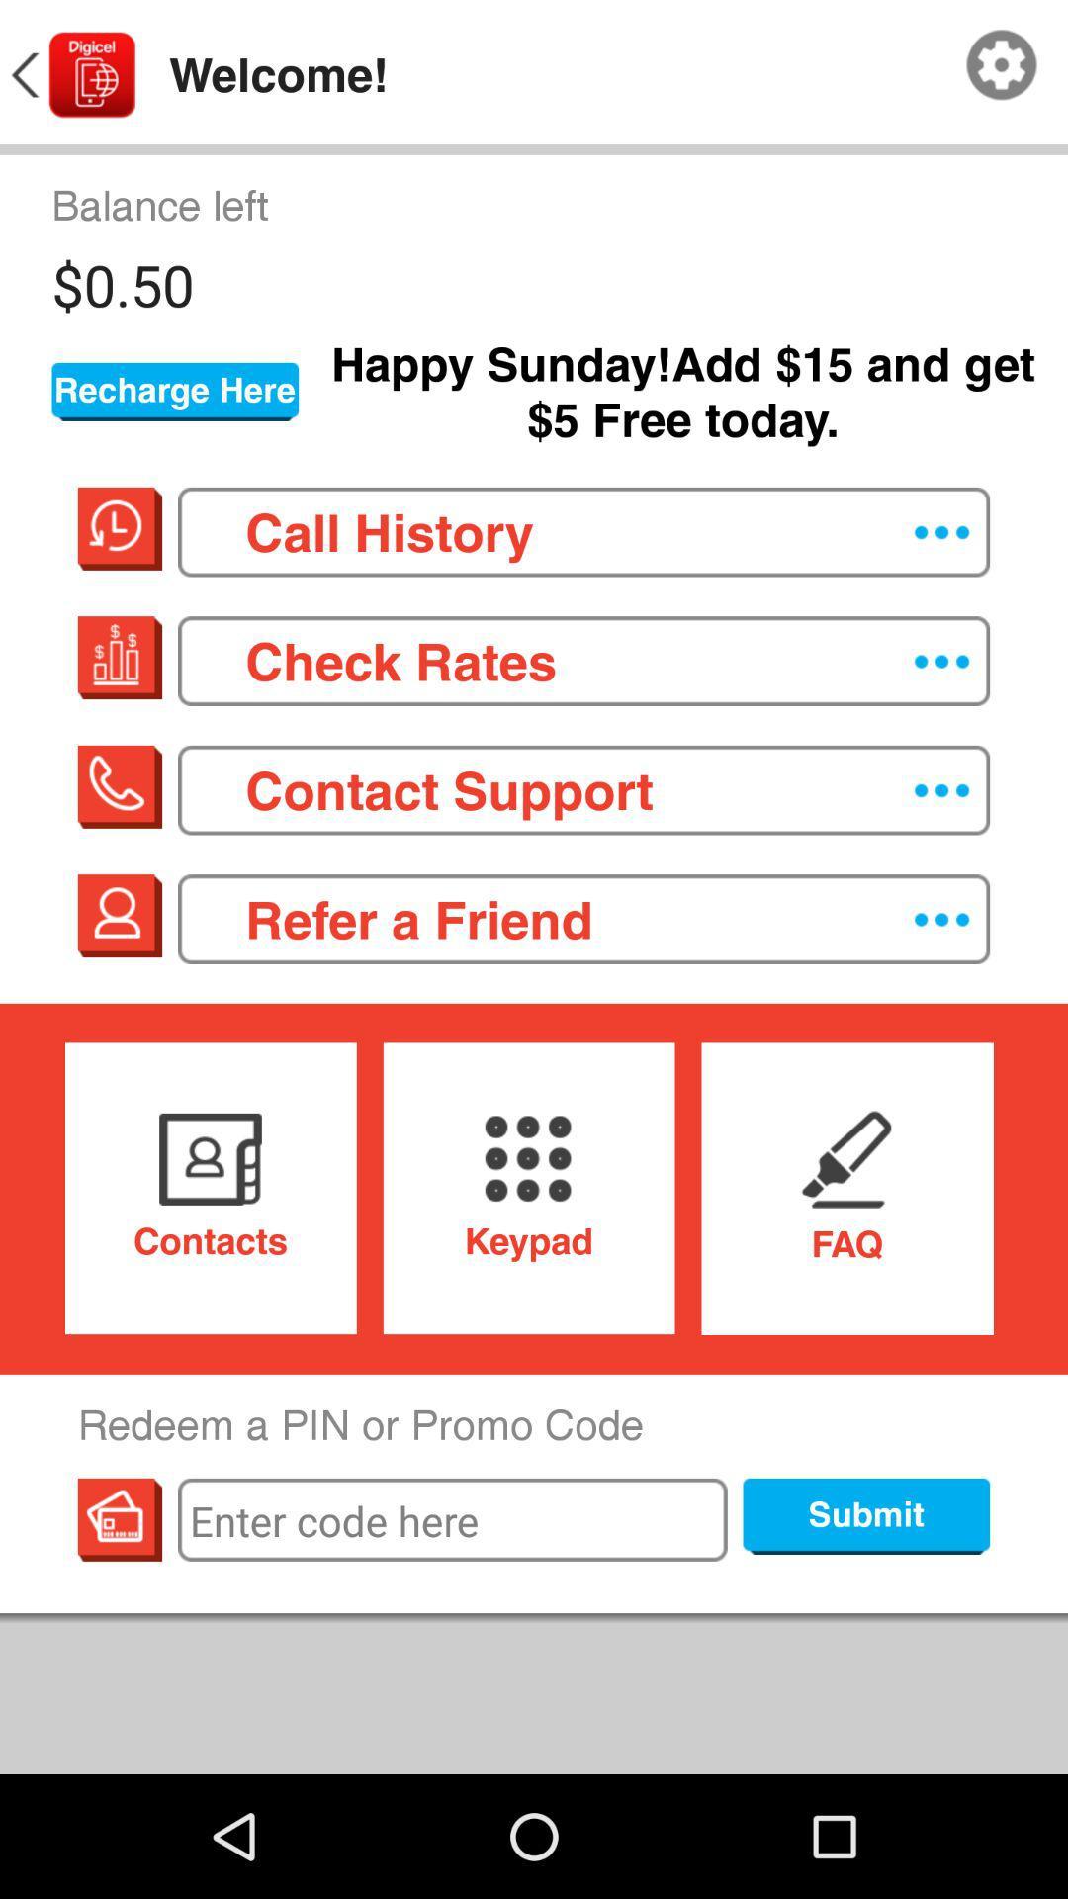  Describe the element at coordinates (1002, 65) in the screenshot. I see `settings menu` at that location.